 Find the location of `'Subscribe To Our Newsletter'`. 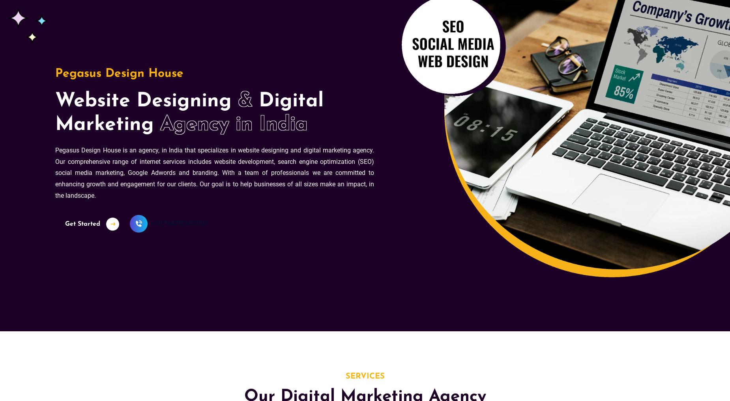

'Subscribe To Our Newsletter' is located at coordinates (365, 183).